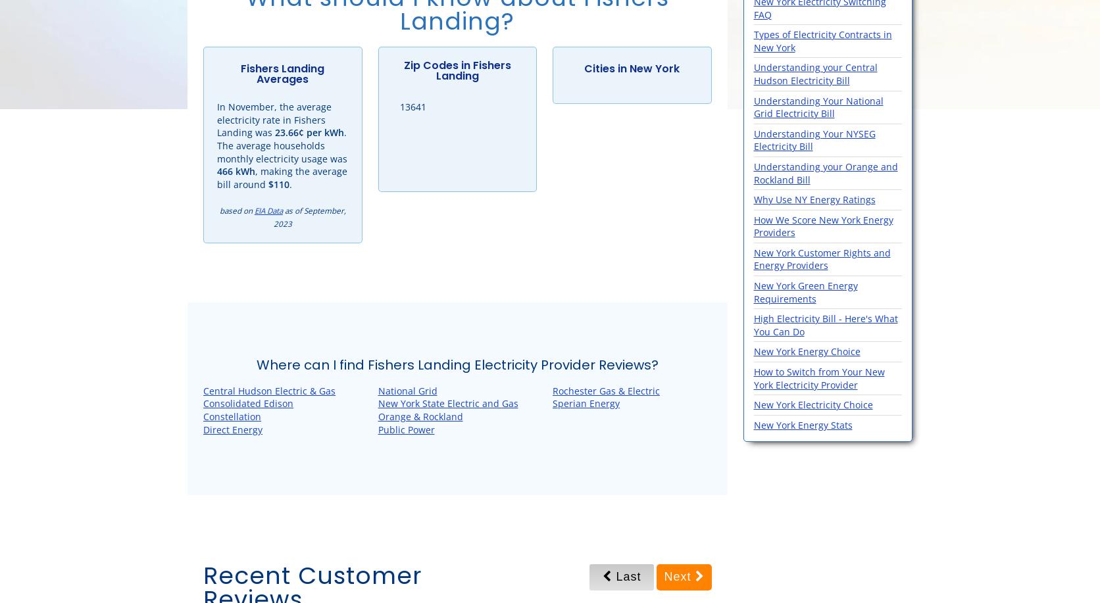 The width and height of the screenshot is (1100, 603). What do you see at coordinates (825, 172) in the screenshot?
I see `'Understanding your Orange and Rockland Bill'` at bounding box center [825, 172].